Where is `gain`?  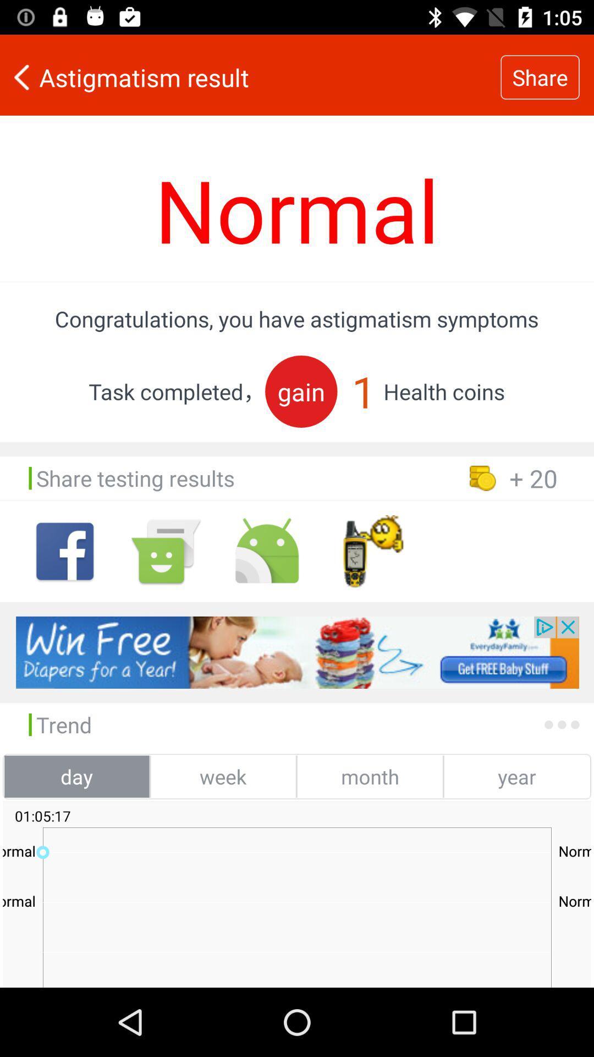
gain is located at coordinates (301, 391).